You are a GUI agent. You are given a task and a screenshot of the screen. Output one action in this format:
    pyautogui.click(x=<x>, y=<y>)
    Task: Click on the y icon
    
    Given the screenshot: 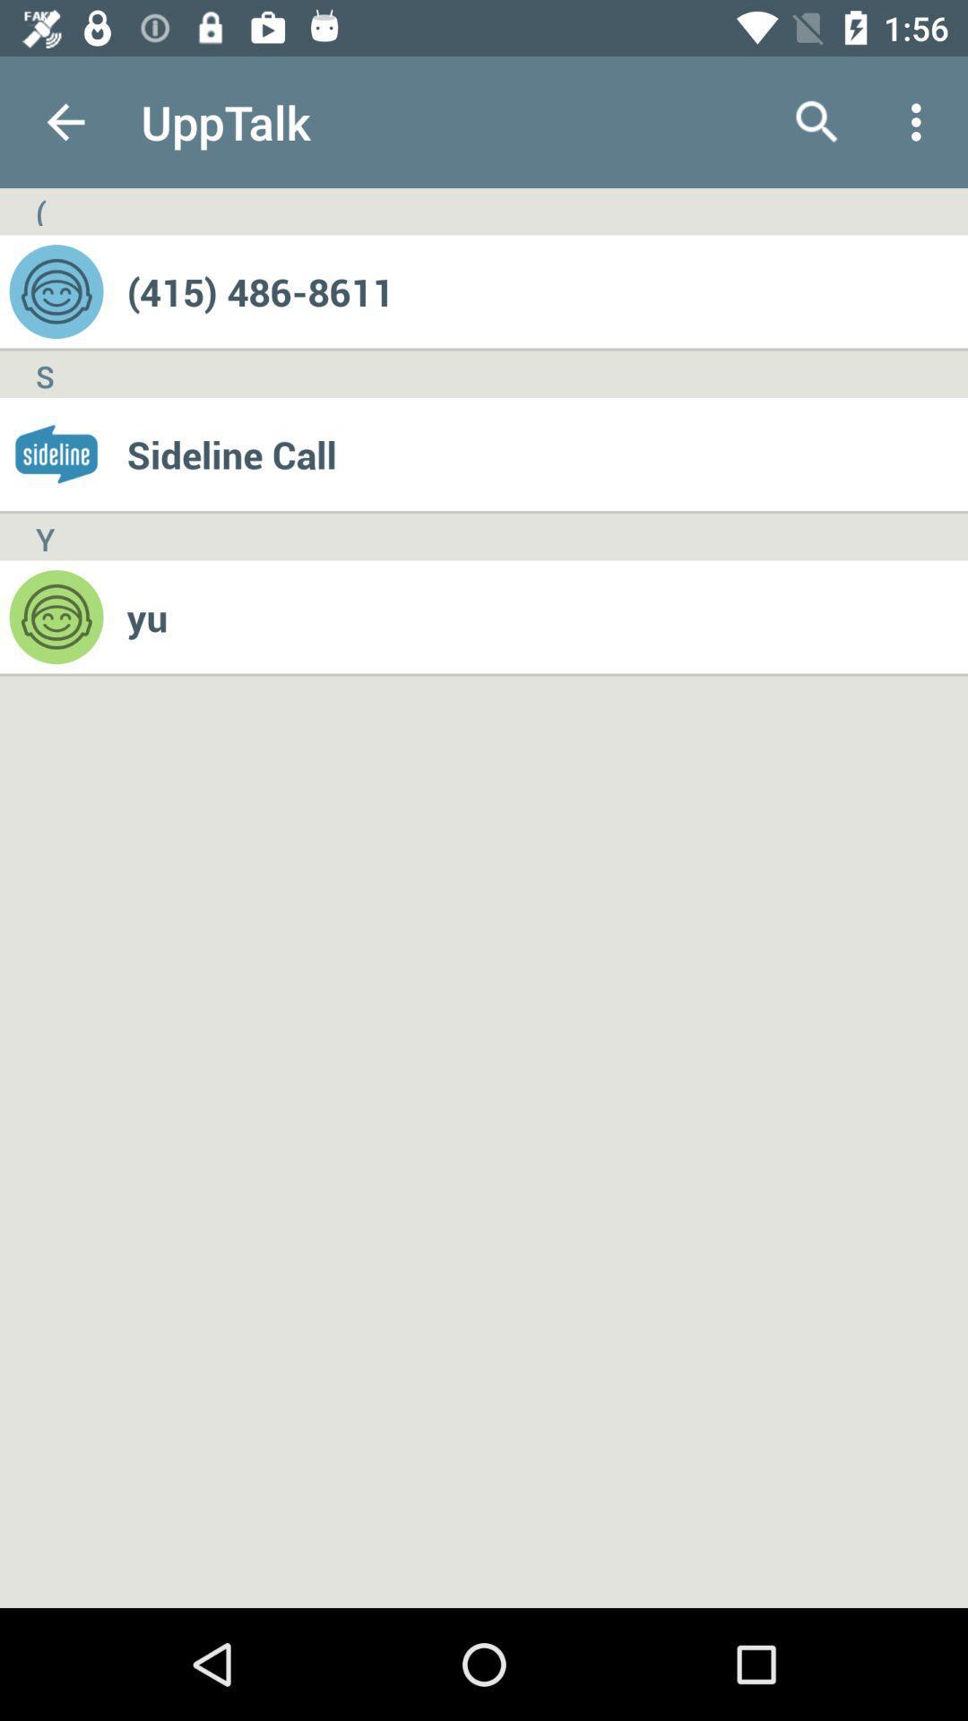 What is the action you would take?
    pyautogui.click(x=44, y=536)
    